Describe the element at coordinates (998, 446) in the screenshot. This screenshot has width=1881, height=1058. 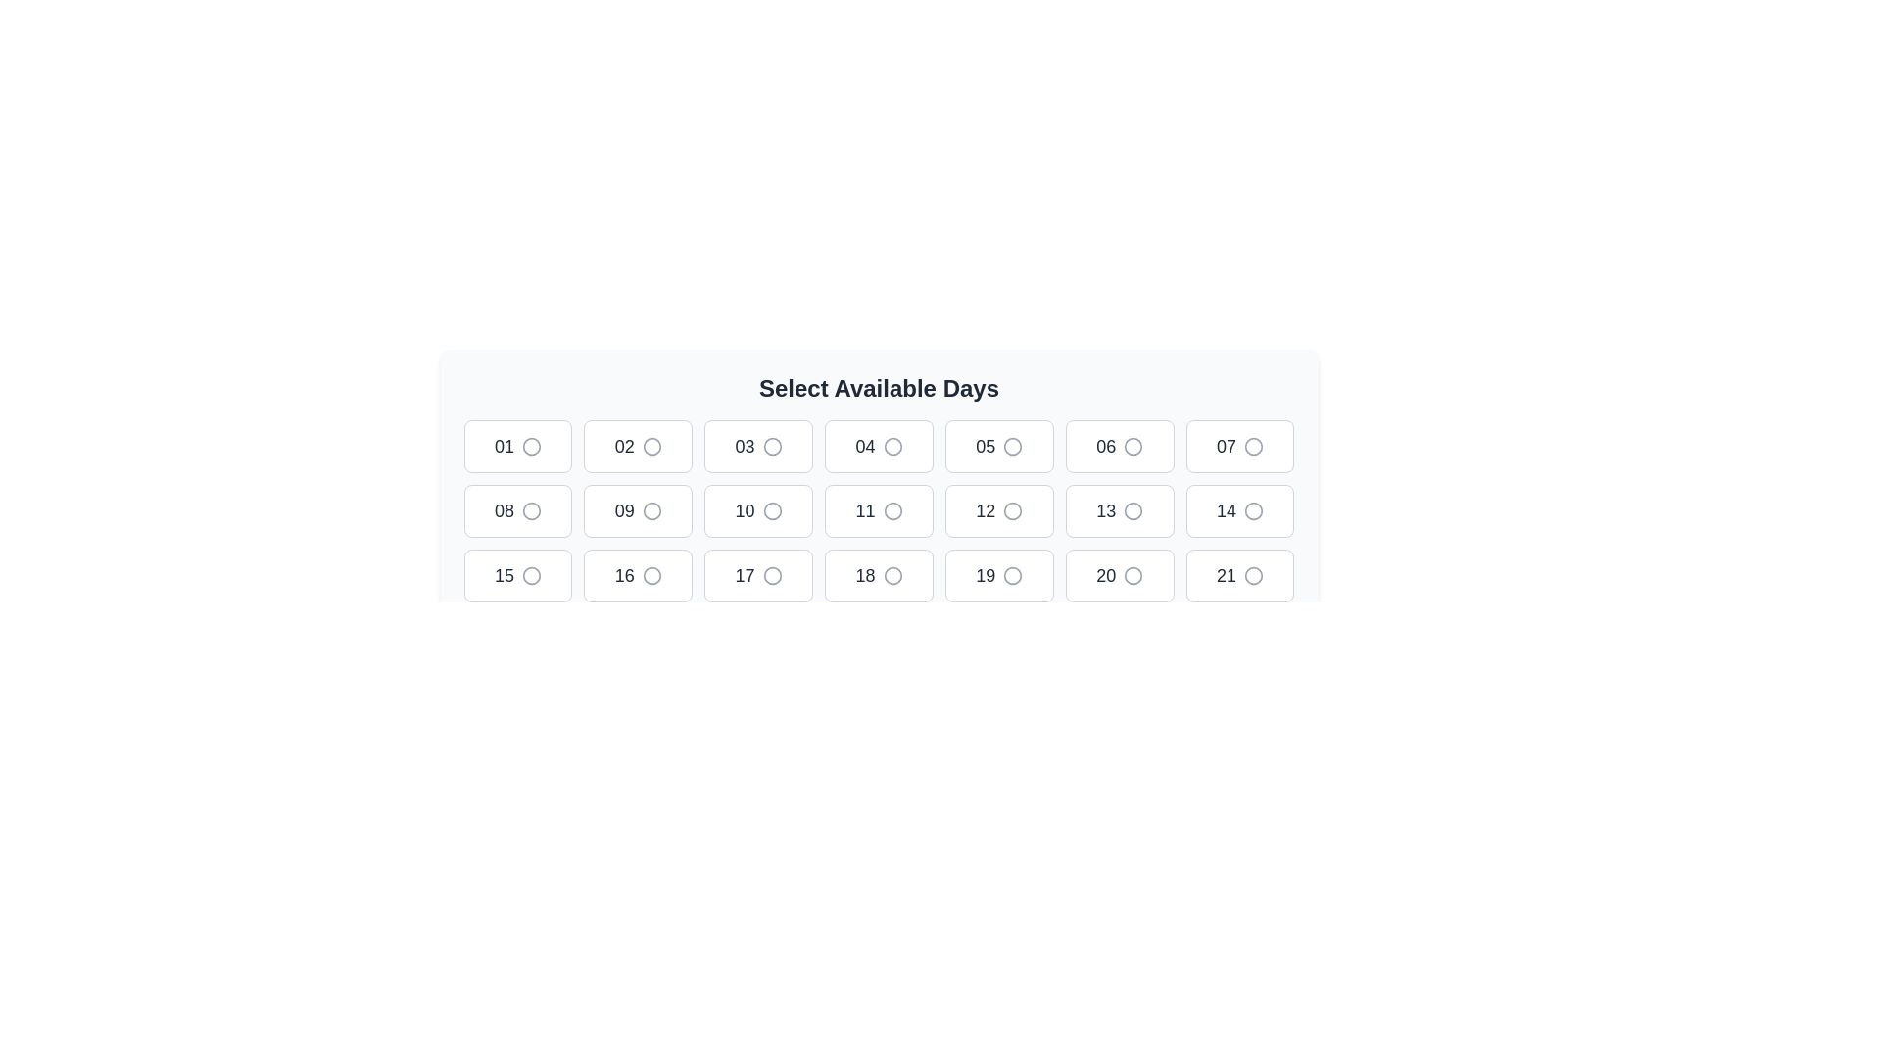
I see `the radio button associated with the selectable button labeled '05'` at that location.